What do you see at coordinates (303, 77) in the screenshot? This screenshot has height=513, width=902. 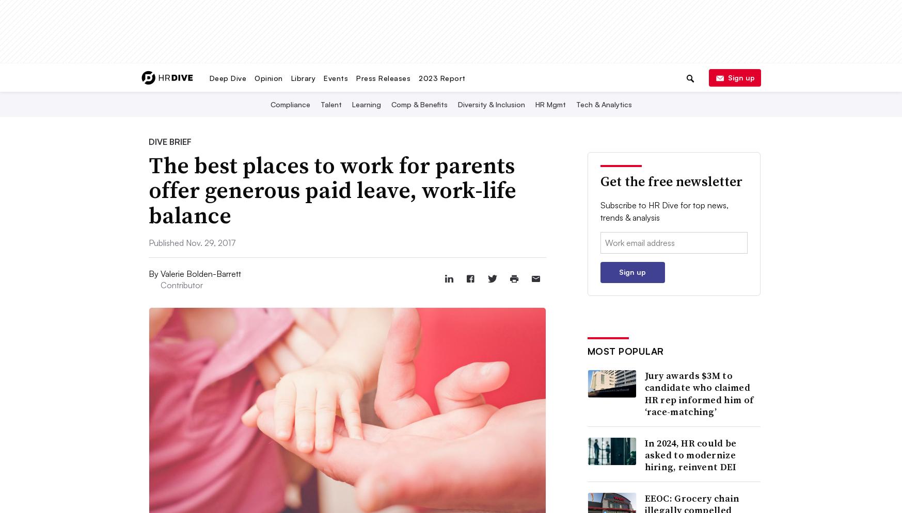 I see `'Library'` at bounding box center [303, 77].